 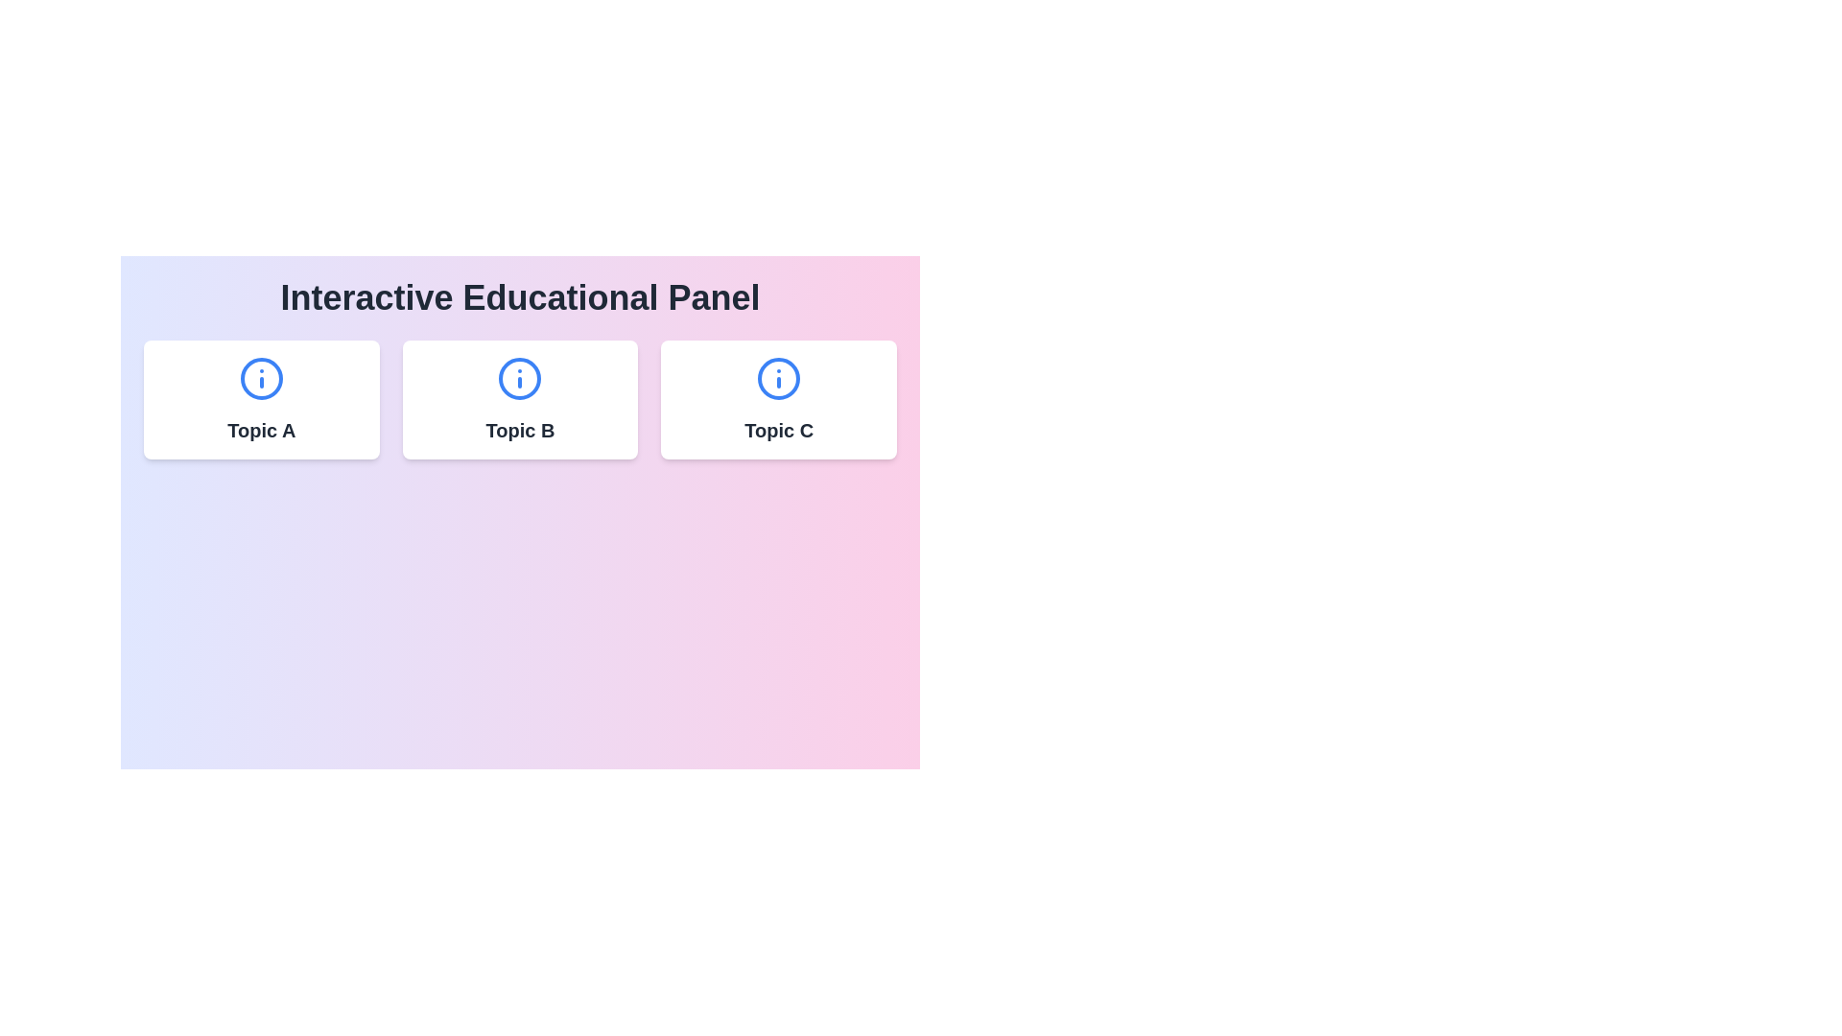 What do you see at coordinates (779, 429) in the screenshot?
I see `the label element that serves as a title for the card, summarizing its content as 'Topic C', located at the bottom section of the card` at bounding box center [779, 429].